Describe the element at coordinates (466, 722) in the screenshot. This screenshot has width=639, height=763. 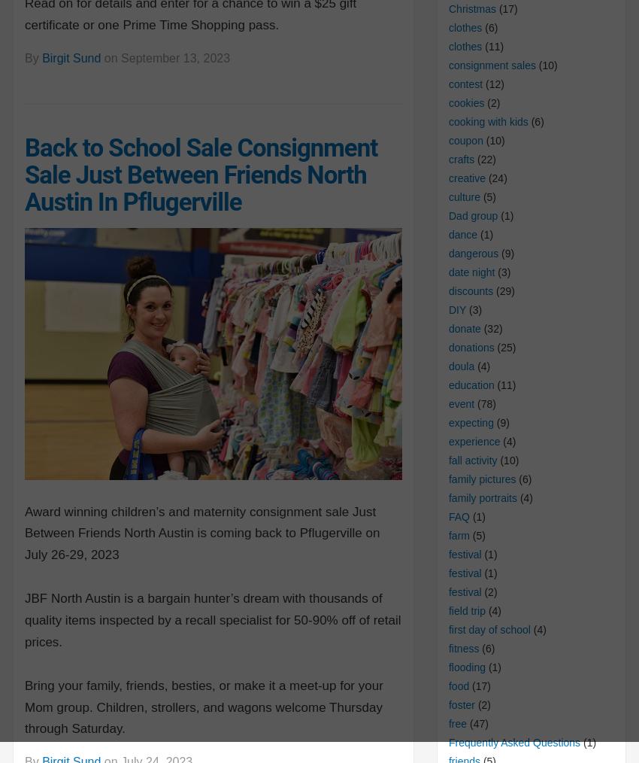
I see `'(47)'` at that location.